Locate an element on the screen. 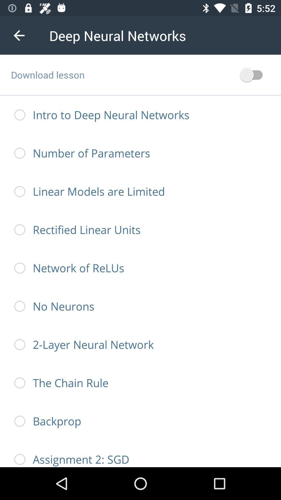 This screenshot has height=500, width=281. the item above the download lesson item is located at coordinates (19, 35).